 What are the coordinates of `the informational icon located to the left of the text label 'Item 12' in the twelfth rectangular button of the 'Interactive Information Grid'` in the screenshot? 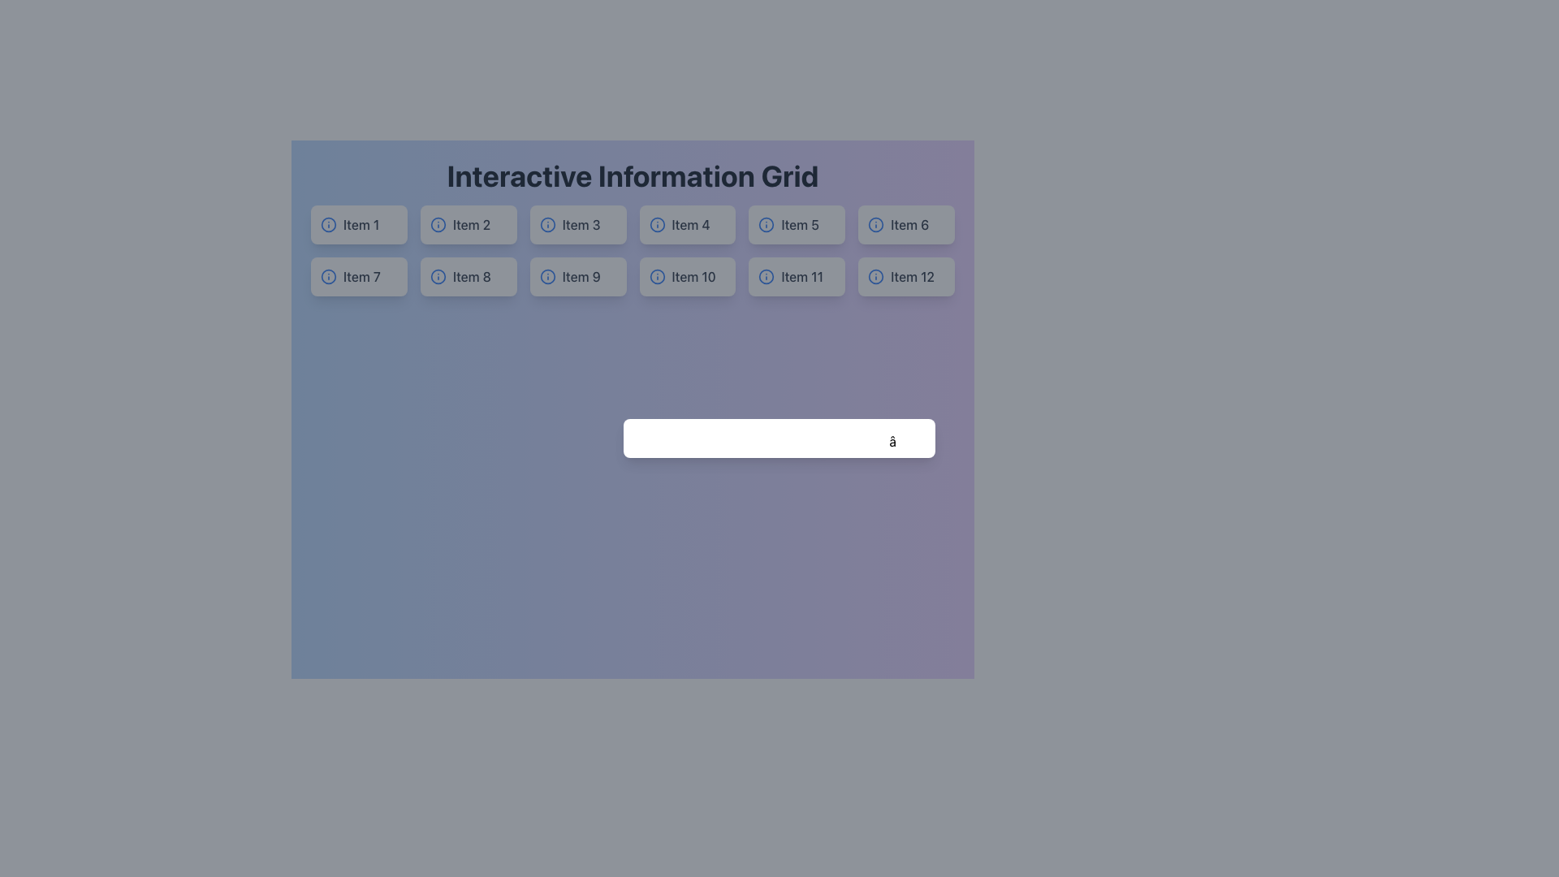 It's located at (875, 275).